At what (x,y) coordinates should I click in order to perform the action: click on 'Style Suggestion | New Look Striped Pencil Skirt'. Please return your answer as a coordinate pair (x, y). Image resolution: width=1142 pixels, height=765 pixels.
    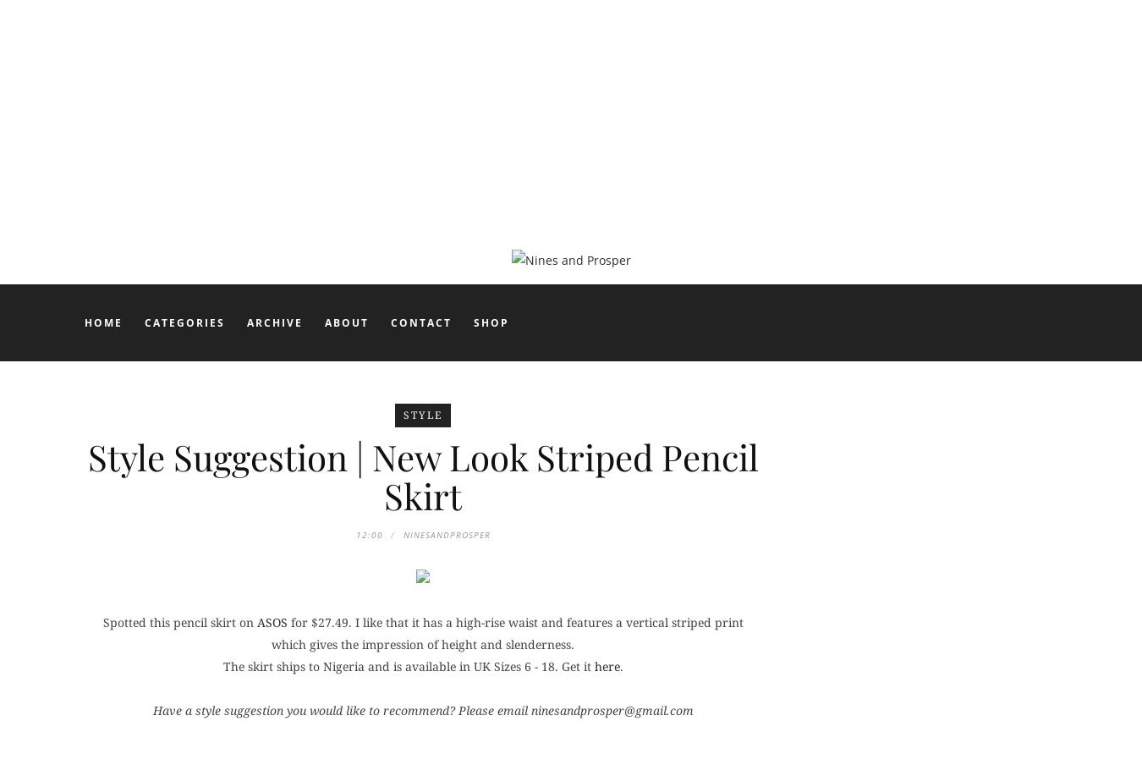
    Looking at the image, I should click on (421, 476).